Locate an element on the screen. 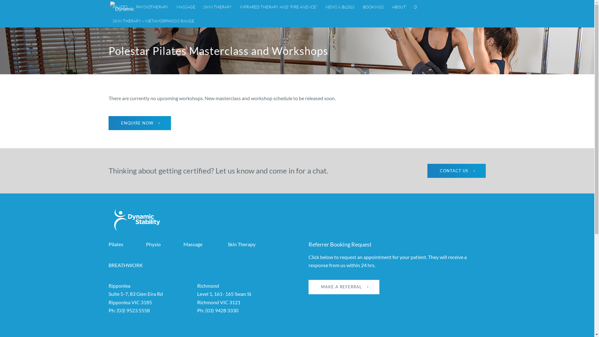 The height and width of the screenshot is (337, 599). 'MASSAGE' is located at coordinates (185, 7).